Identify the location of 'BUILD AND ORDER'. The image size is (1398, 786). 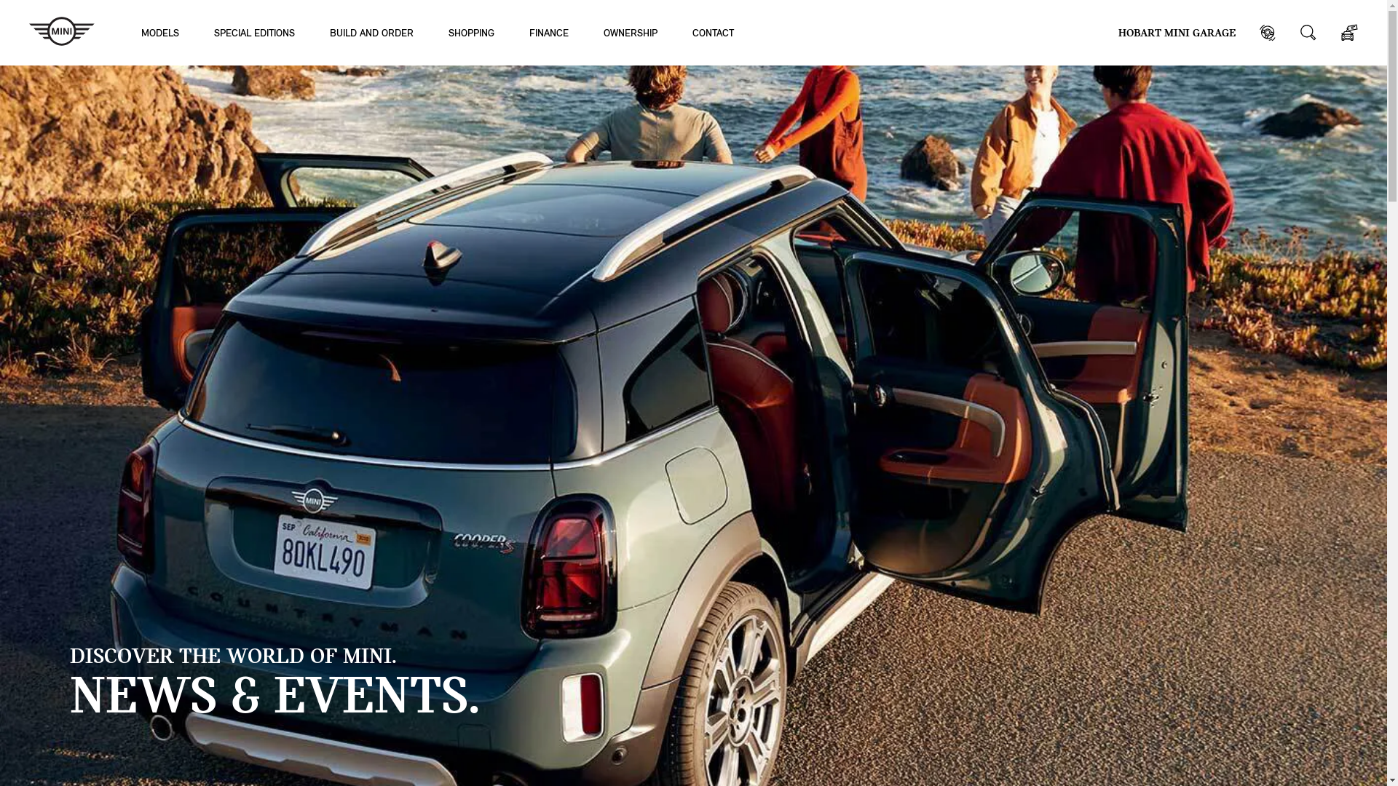
(371, 32).